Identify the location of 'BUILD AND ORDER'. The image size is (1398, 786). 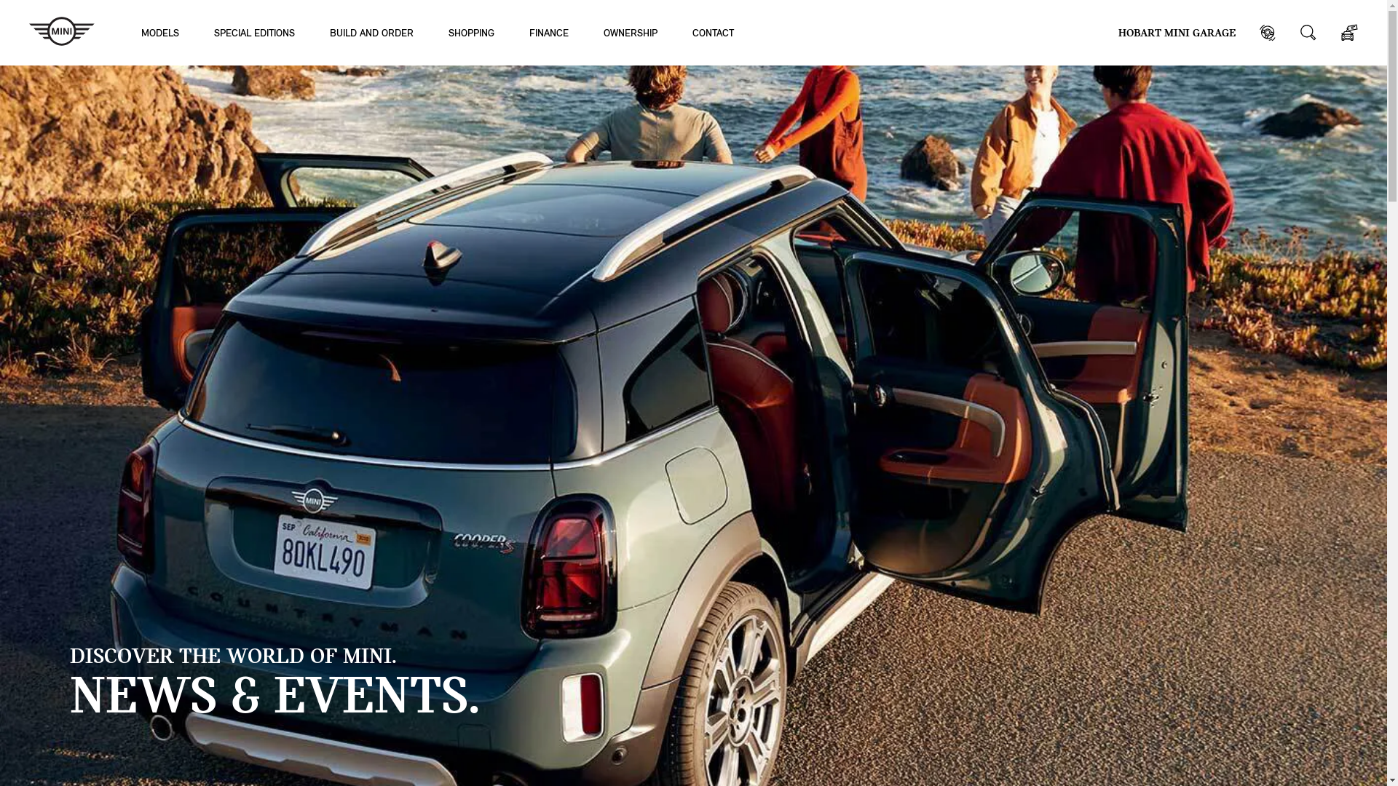
(371, 32).